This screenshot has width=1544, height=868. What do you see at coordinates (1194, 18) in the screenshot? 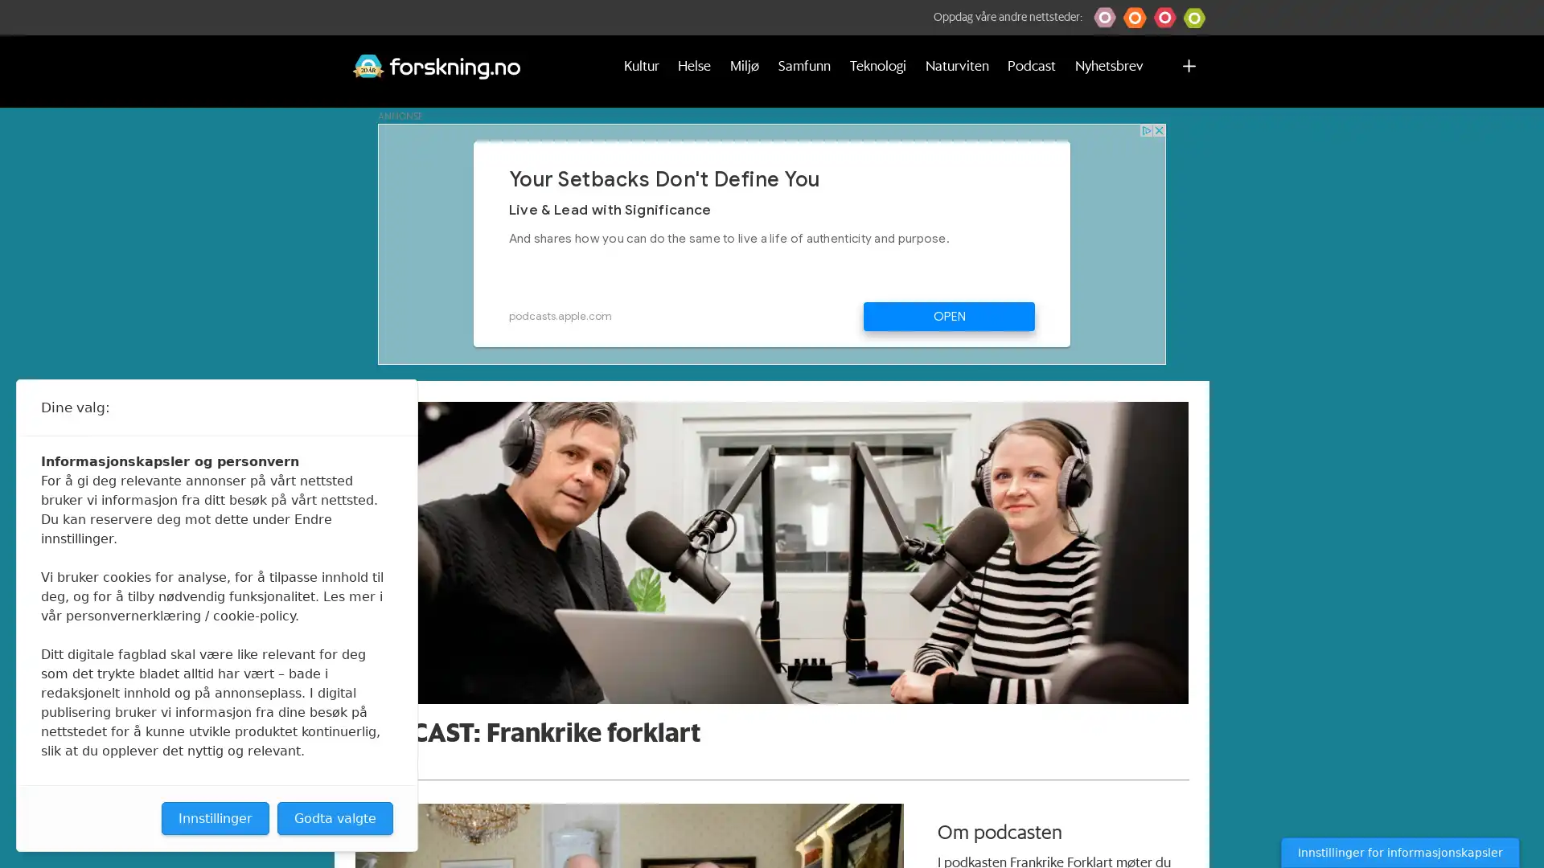
I see `logo for stilling.forskning.no` at bounding box center [1194, 18].